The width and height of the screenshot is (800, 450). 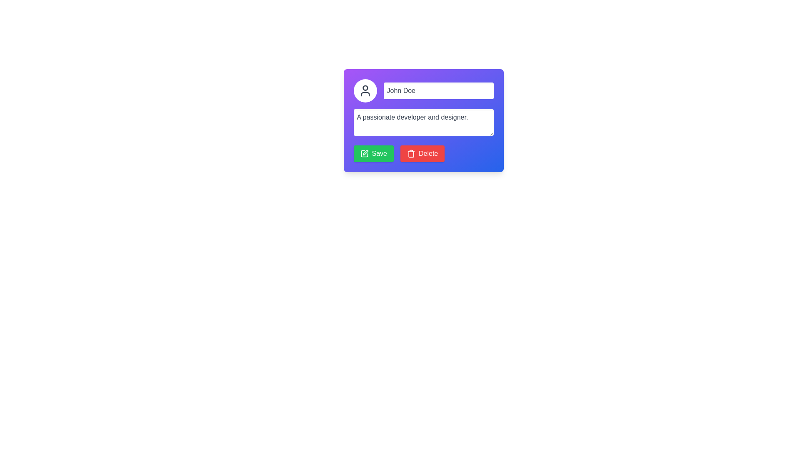 What do you see at coordinates (365, 88) in the screenshot?
I see `the topmost circle of the user avatar icon located on the left side of the form header` at bounding box center [365, 88].